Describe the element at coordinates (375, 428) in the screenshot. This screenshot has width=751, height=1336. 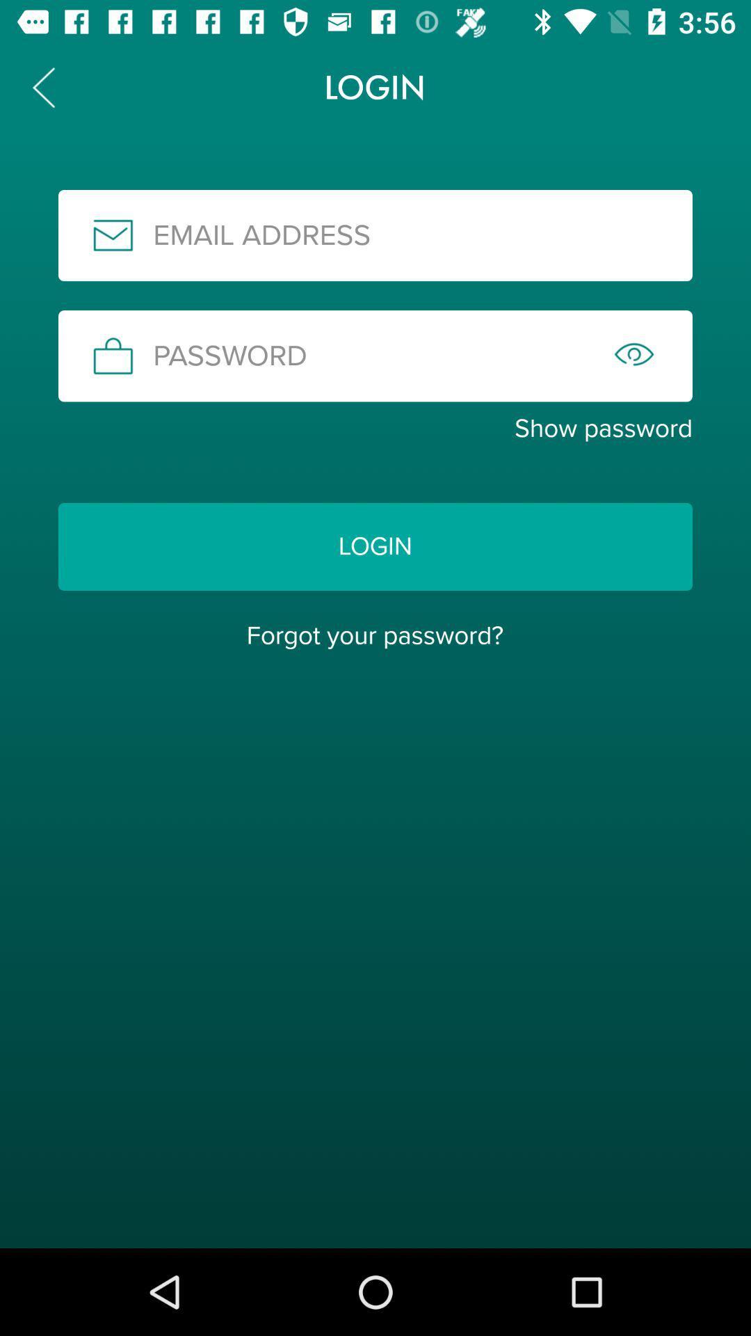
I see `show password icon` at that location.